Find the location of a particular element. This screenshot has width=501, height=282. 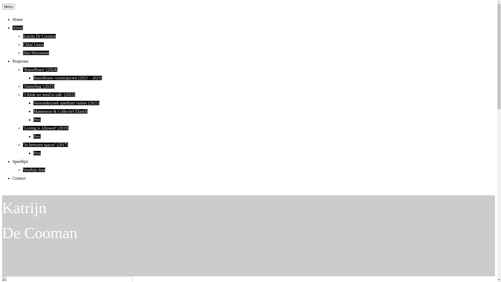

'Speellijst' is located at coordinates (20, 161).